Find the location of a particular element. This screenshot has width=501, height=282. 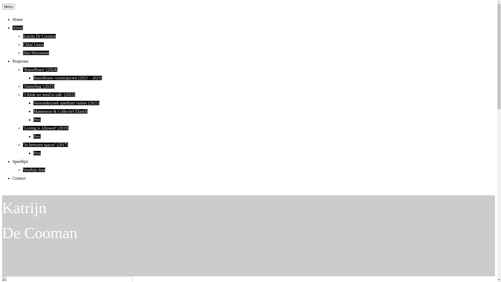

'Speellijst' is located at coordinates (20, 161).